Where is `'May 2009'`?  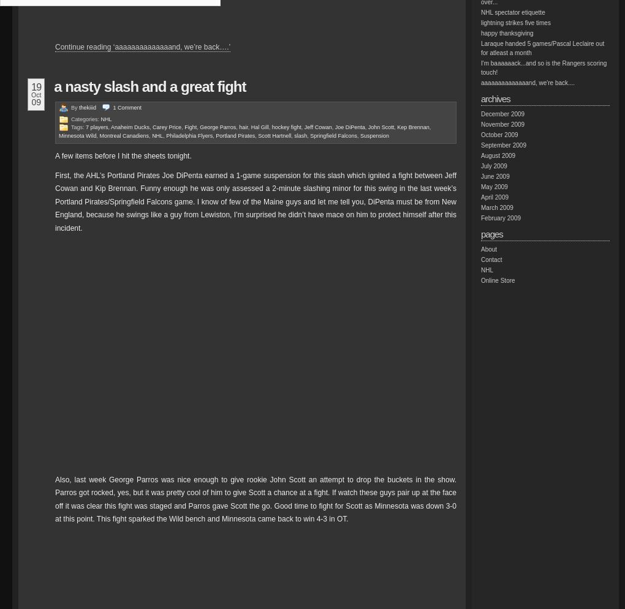
'May 2009' is located at coordinates (480, 186).